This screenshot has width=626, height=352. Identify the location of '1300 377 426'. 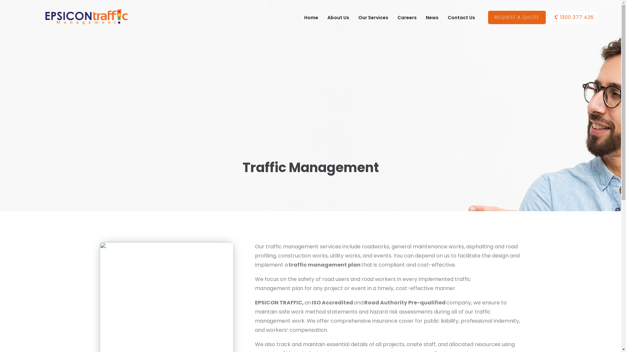
(573, 17).